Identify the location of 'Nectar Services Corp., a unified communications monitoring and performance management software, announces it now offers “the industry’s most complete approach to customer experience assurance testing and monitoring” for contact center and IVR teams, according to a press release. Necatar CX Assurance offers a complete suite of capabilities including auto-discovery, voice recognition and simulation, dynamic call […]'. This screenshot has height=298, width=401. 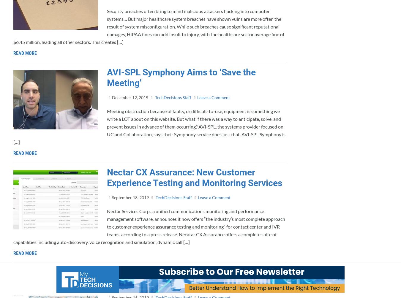
(149, 226).